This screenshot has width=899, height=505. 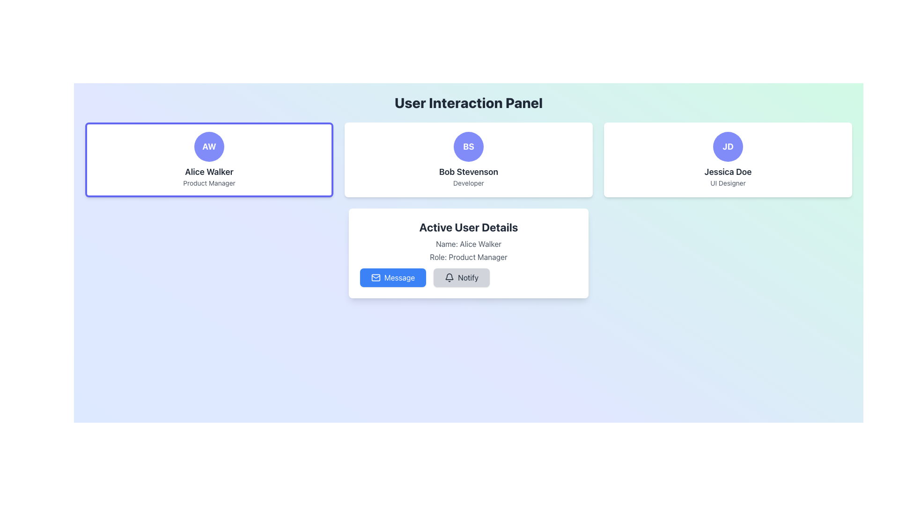 I want to click on the notification button located to the right of the 'Message' button in the 'Active User Details' section to observe interaction effects, so click(x=462, y=277).